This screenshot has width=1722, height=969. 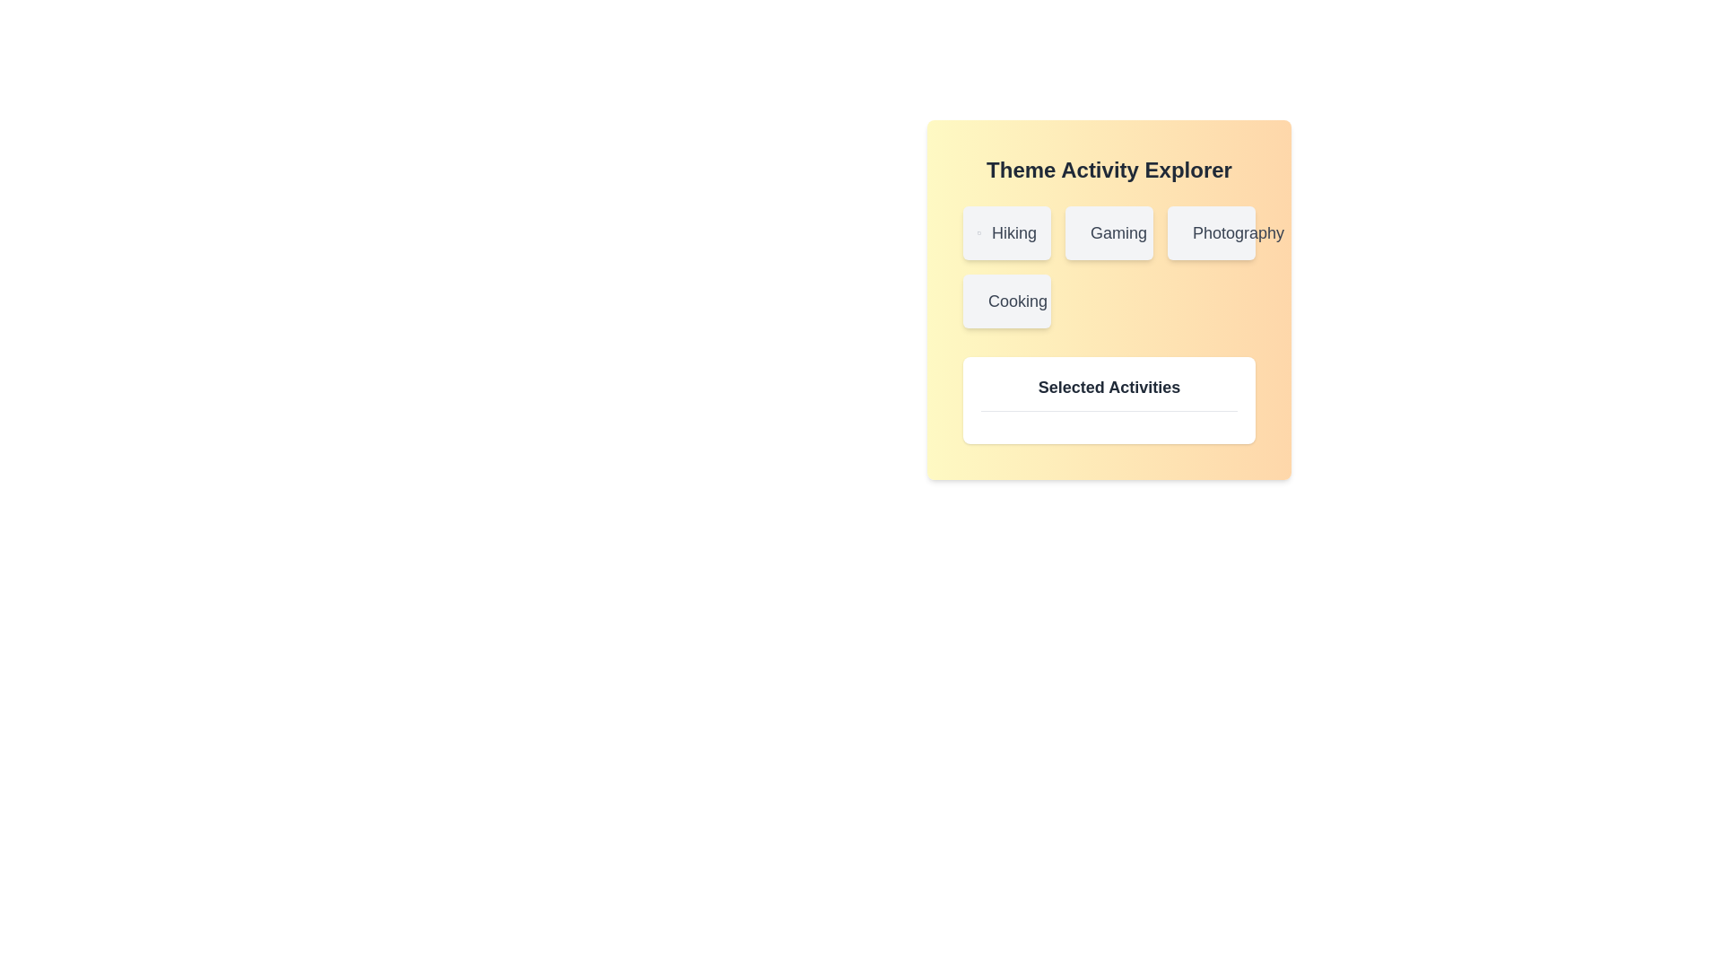 I want to click on the text label displaying 'Gaming' located in the center of a rectangular button on the top-right within the 'Theme Activity Explorer' grid, so click(x=1118, y=231).